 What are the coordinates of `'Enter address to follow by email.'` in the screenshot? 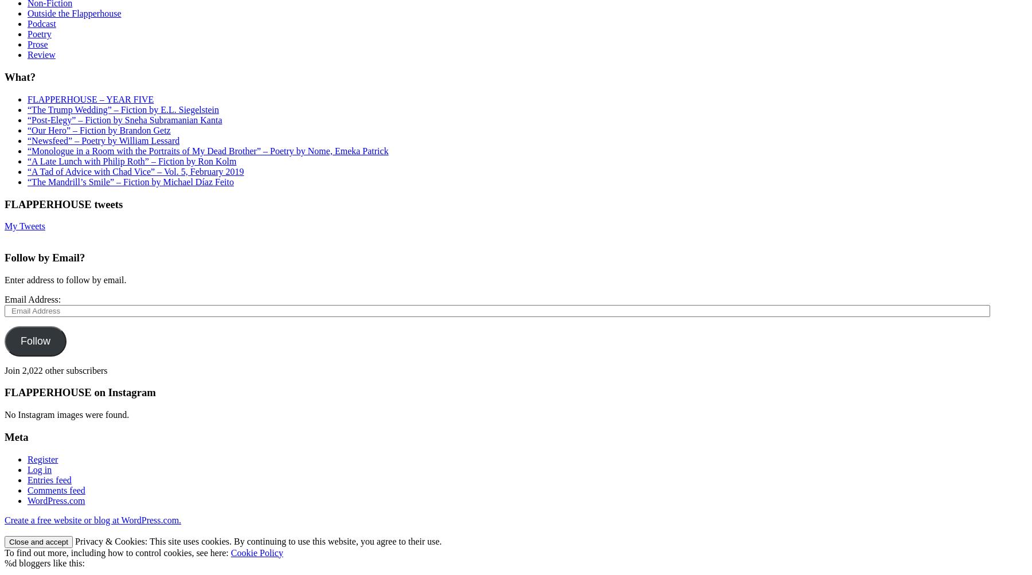 It's located at (65, 279).